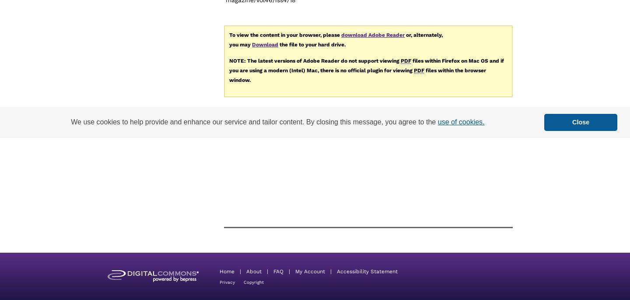 Image resolution: width=630 pixels, height=300 pixels. Describe the element at coordinates (254, 281) in the screenshot. I see `'Copyright'` at that location.